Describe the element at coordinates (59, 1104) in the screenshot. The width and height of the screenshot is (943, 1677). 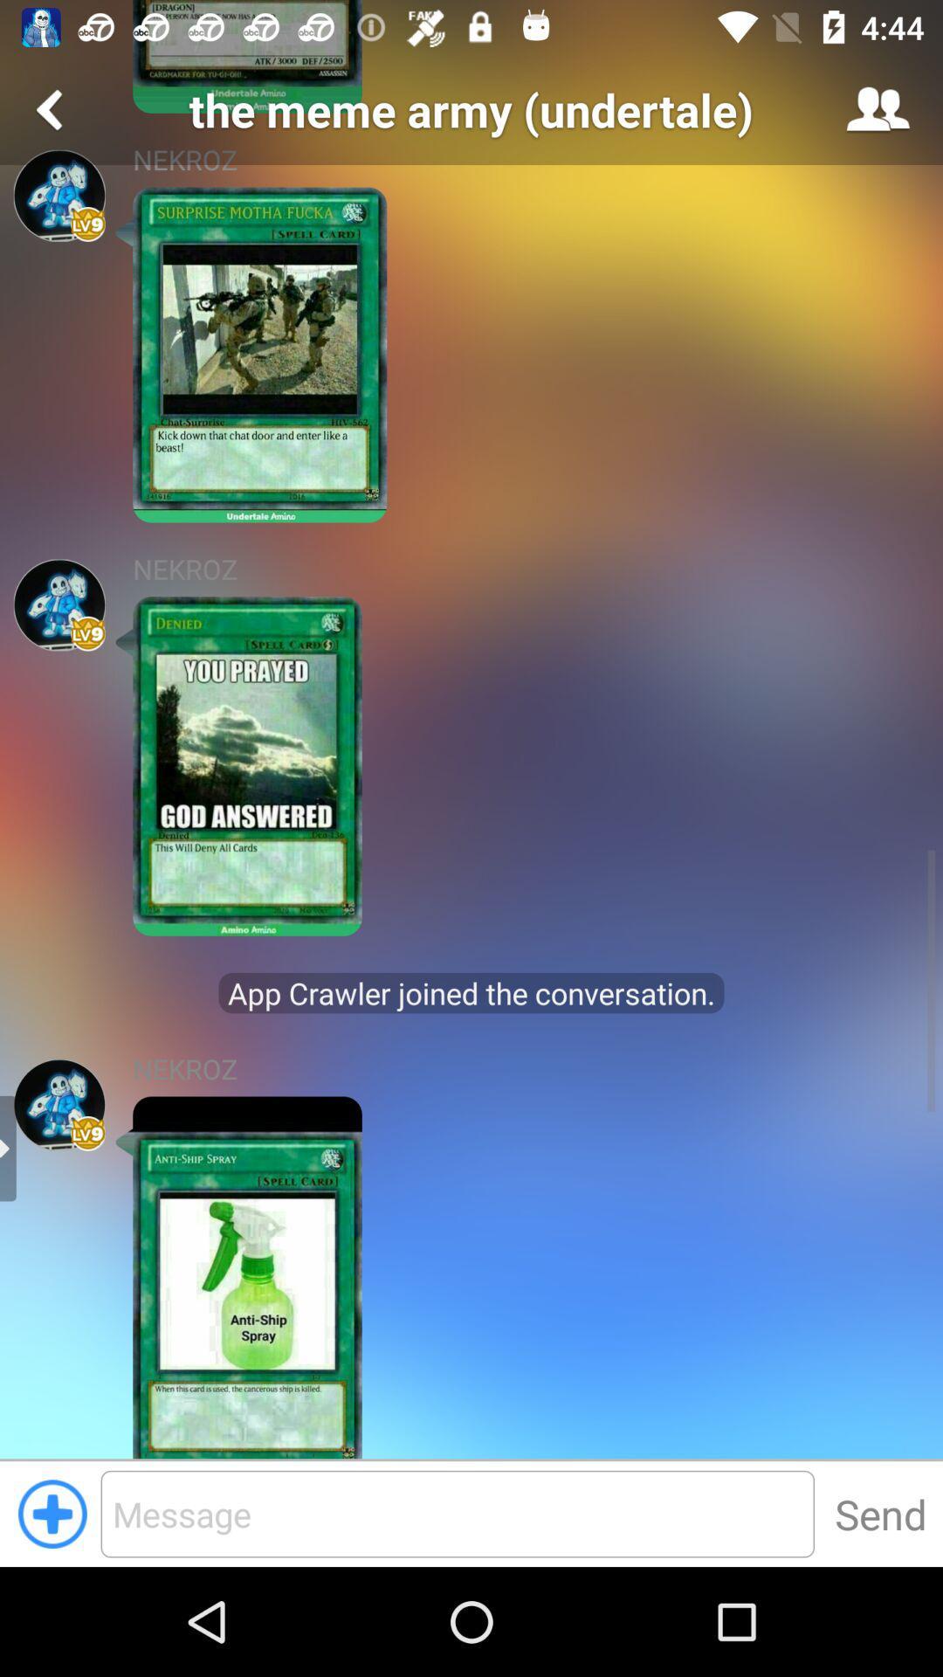
I see `see the profile` at that location.